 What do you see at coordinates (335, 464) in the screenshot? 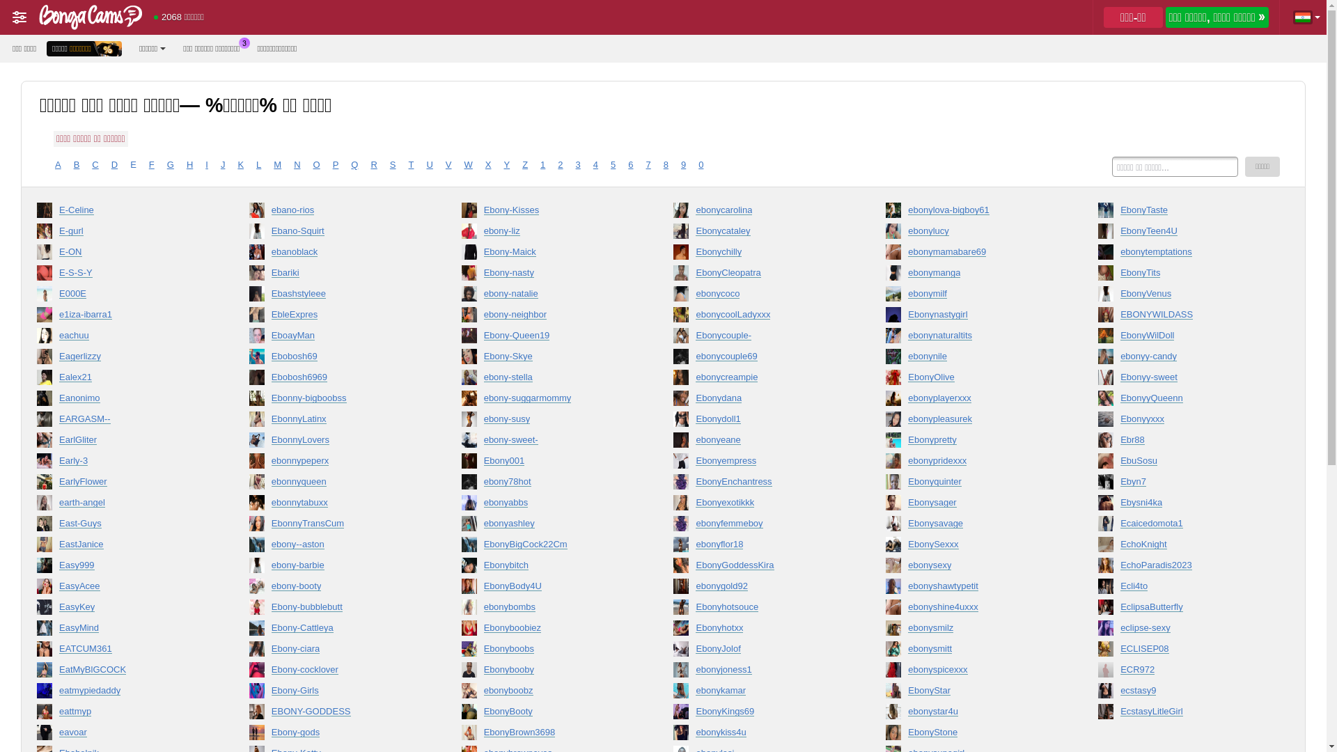
I see `'ebonnypeperx'` at bounding box center [335, 464].